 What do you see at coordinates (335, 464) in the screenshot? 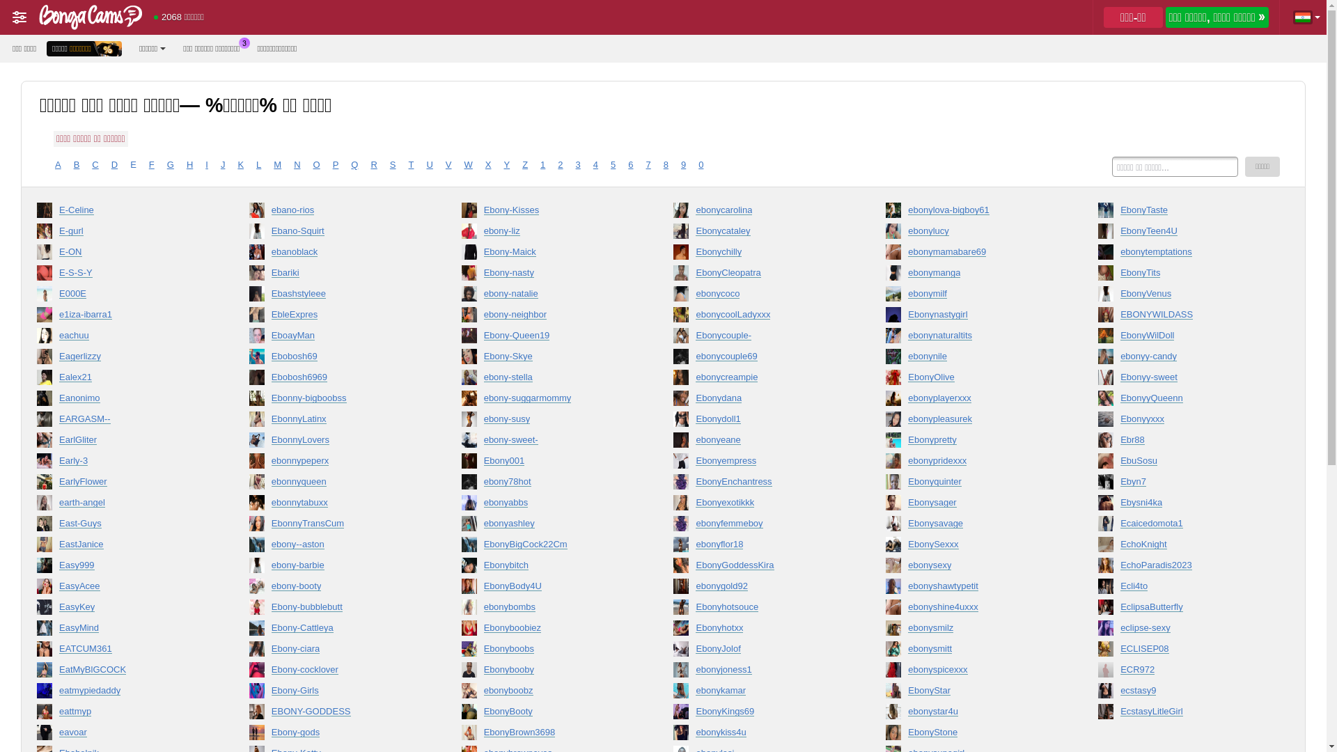
I see `'ebonnypeperx'` at bounding box center [335, 464].